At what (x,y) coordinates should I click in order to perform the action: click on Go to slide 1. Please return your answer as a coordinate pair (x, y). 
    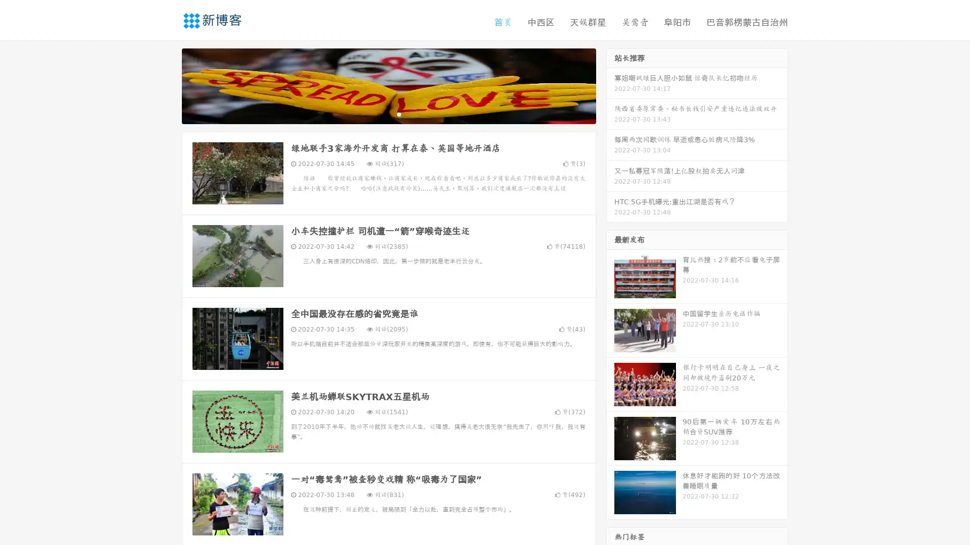
    Looking at the image, I should click on (378, 114).